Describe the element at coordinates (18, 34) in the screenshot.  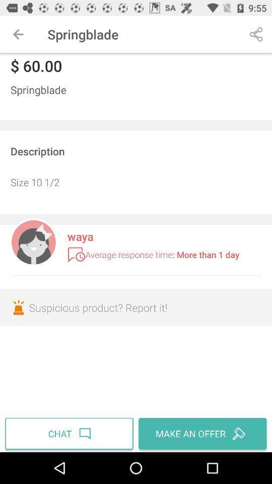
I see `item to the left of the springblade  icon` at that location.